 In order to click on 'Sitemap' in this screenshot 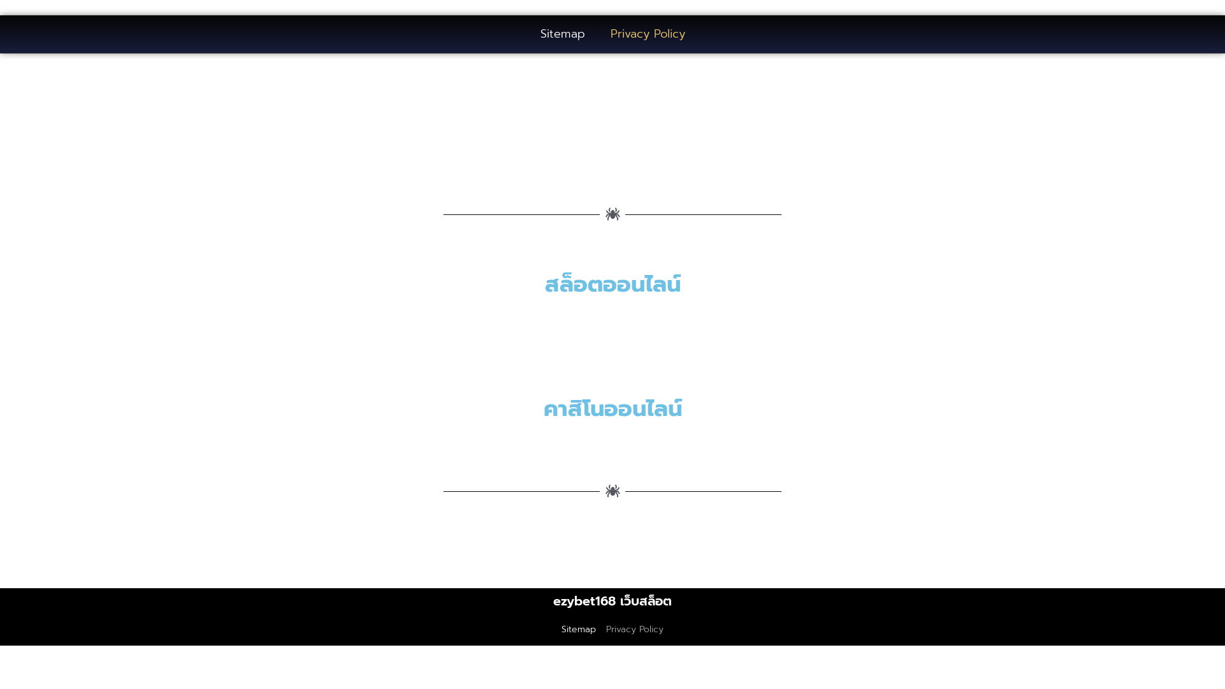, I will do `click(578, 629)`.